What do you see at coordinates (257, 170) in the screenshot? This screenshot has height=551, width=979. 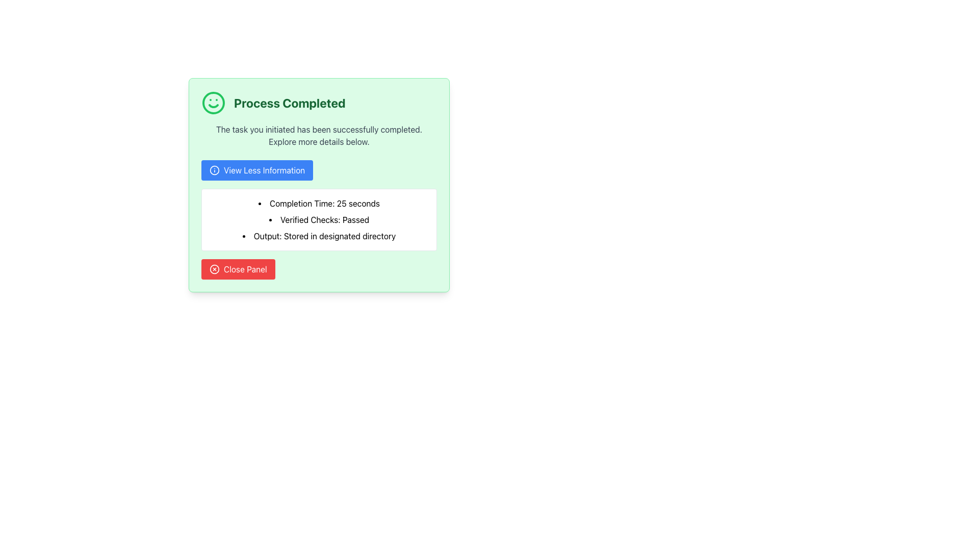 I see `the rectangular button with a blue background and white text that reads 'View Less Information' for keyboard navigation` at bounding box center [257, 170].